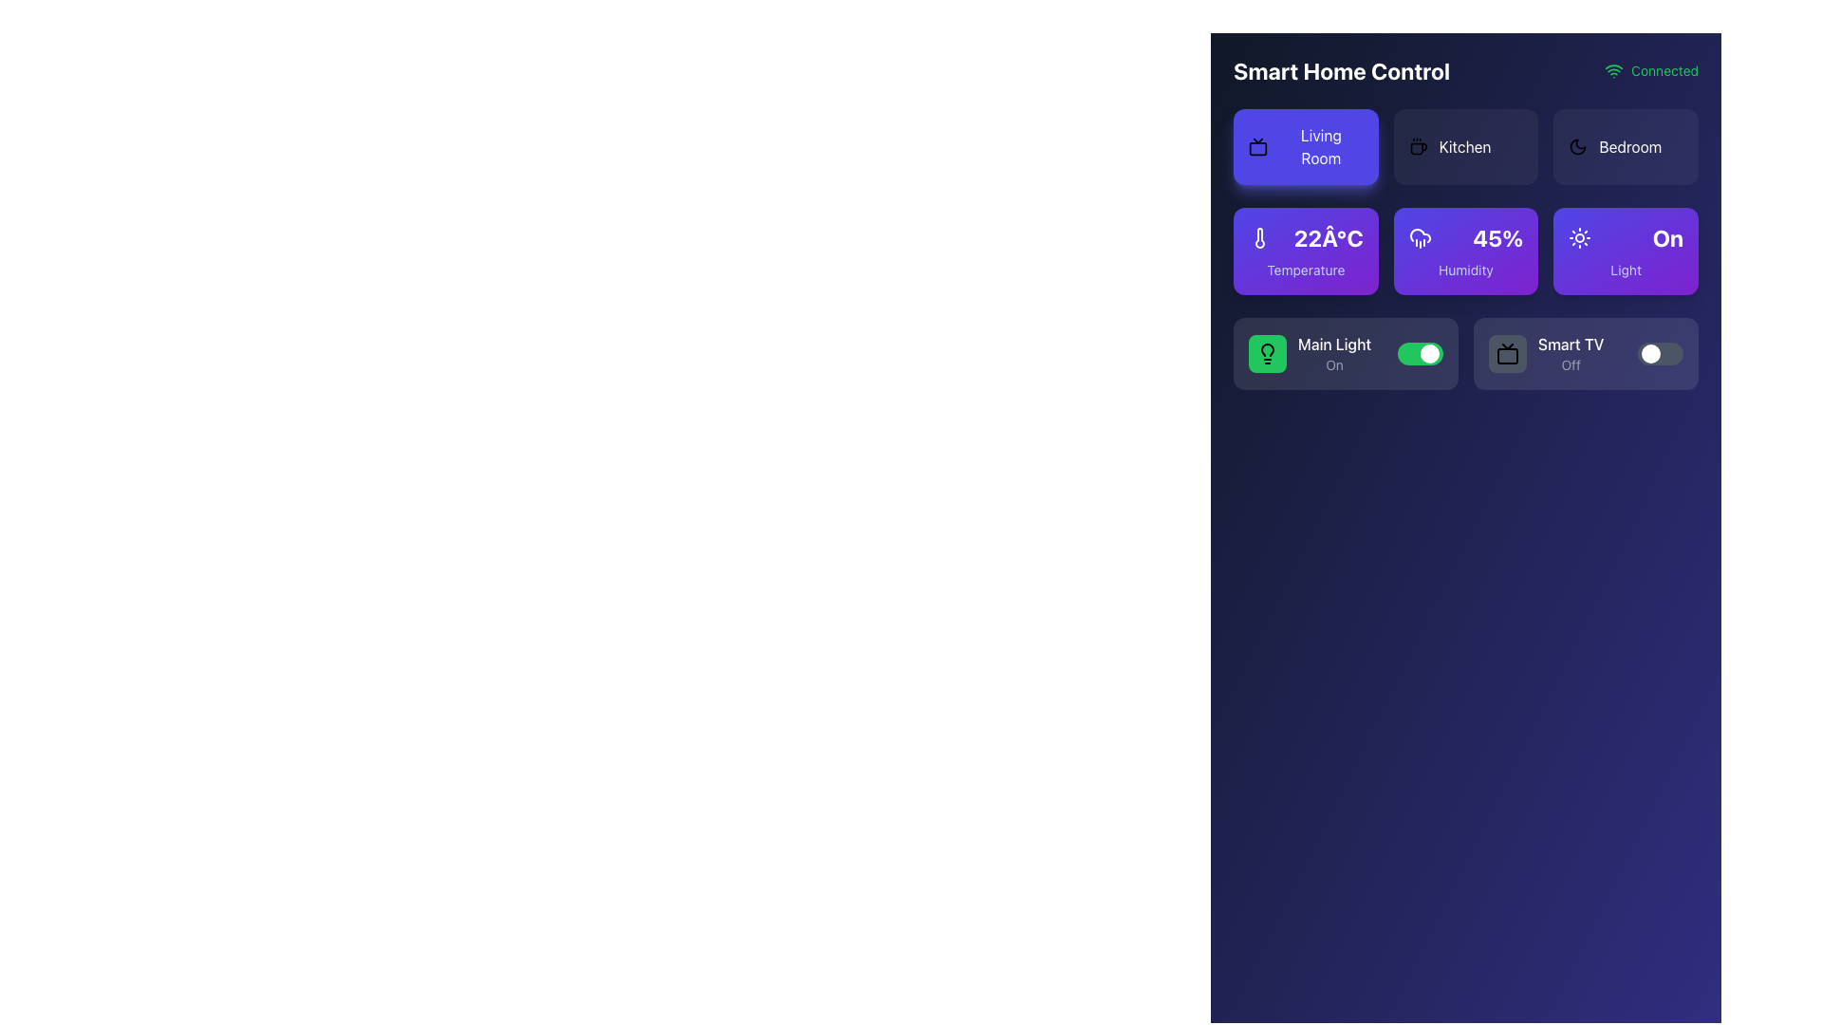 The height and width of the screenshot is (1025, 1822). Describe the element at coordinates (1257, 145) in the screenshot. I see `the living room icon located on the 'Living Room' button, which is positioned towards the left of the button's text in the top-left of the interface` at that location.